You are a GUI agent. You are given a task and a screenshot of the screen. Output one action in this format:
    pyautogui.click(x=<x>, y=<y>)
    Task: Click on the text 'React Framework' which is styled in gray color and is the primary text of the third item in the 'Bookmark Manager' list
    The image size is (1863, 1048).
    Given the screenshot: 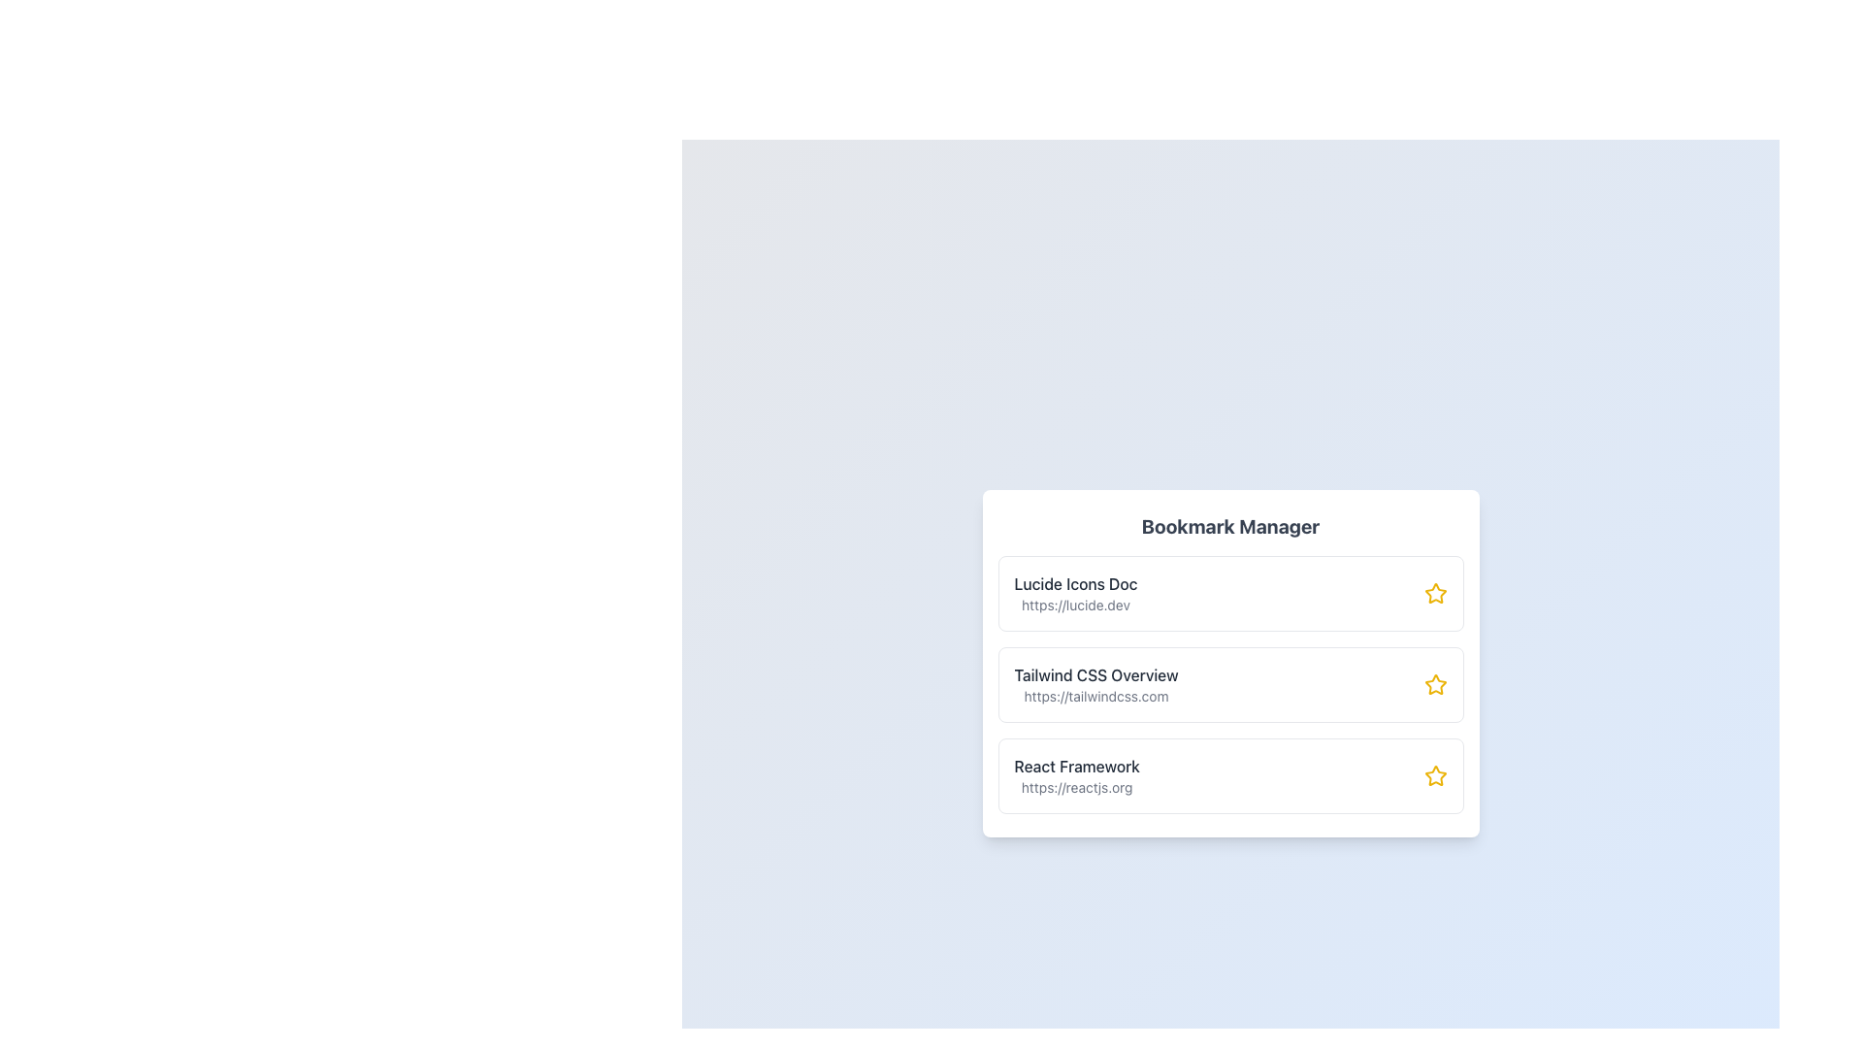 What is the action you would take?
    pyautogui.click(x=1076, y=766)
    